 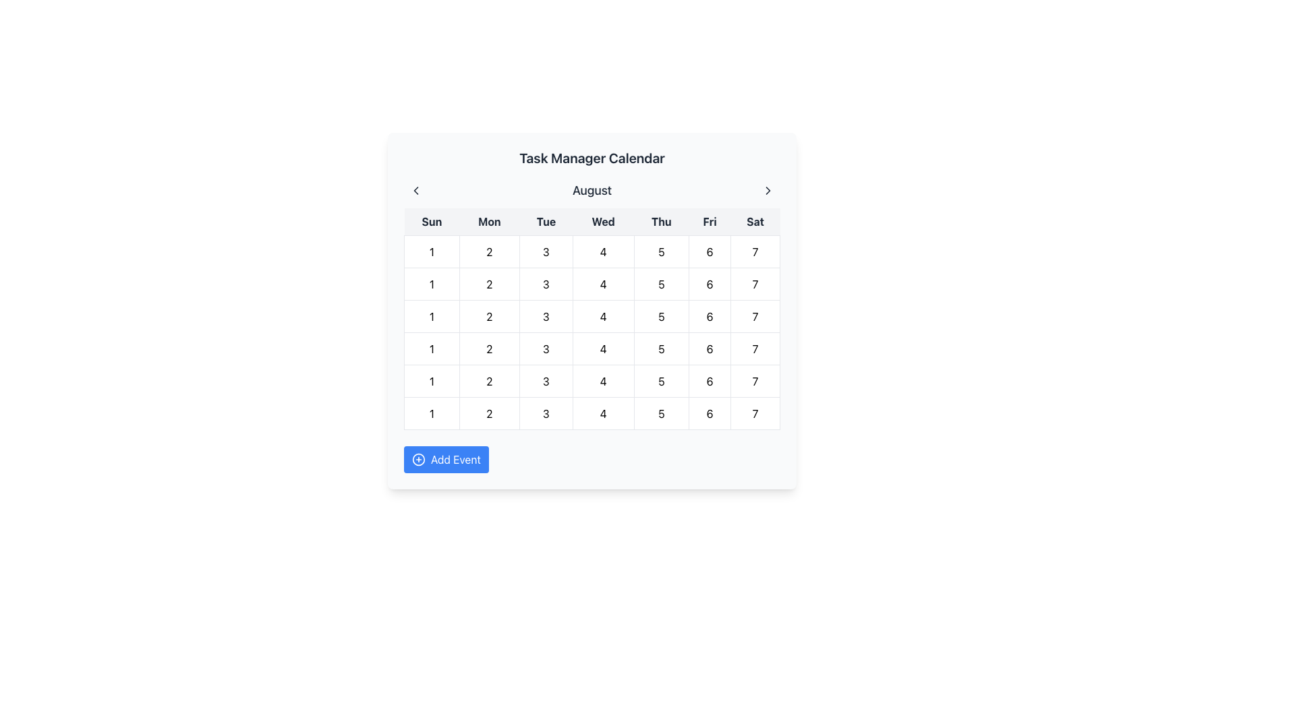 What do you see at coordinates (768, 190) in the screenshot?
I see `the navigation button for moving to the next month in the calendar interface` at bounding box center [768, 190].